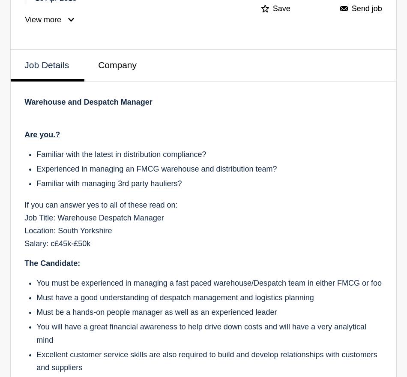 The image size is (407, 377). Describe the element at coordinates (201, 333) in the screenshot. I see `'You will have a great financial awareness to help drive down costs and will have a very analytical mind'` at that location.